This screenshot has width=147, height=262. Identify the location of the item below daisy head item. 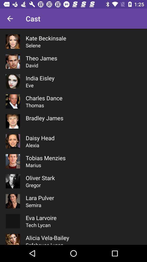
(32, 145).